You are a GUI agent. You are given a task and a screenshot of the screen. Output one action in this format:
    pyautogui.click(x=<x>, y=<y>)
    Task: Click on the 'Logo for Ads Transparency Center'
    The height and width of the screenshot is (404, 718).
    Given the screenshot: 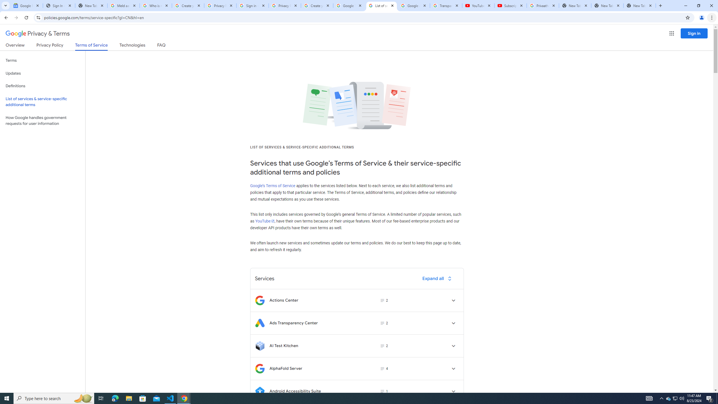 What is the action you would take?
    pyautogui.click(x=259, y=323)
    